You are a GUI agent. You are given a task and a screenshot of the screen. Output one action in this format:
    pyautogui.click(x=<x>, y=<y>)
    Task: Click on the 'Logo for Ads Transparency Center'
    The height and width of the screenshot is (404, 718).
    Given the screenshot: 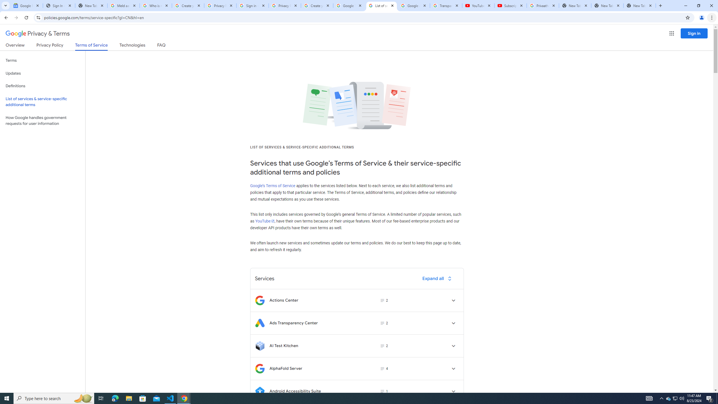 What is the action you would take?
    pyautogui.click(x=259, y=323)
    